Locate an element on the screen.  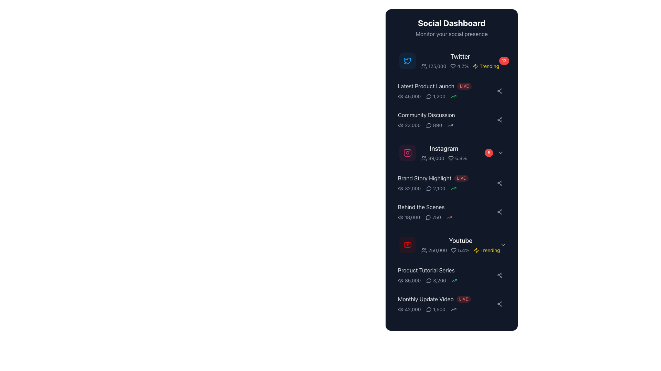
the small circular speech bubble icon with a light gray outline located to the left of the text '1,200' in the 'Latest Product Launch' section of the 'Social Dashboard' is located at coordinates (429, 97).